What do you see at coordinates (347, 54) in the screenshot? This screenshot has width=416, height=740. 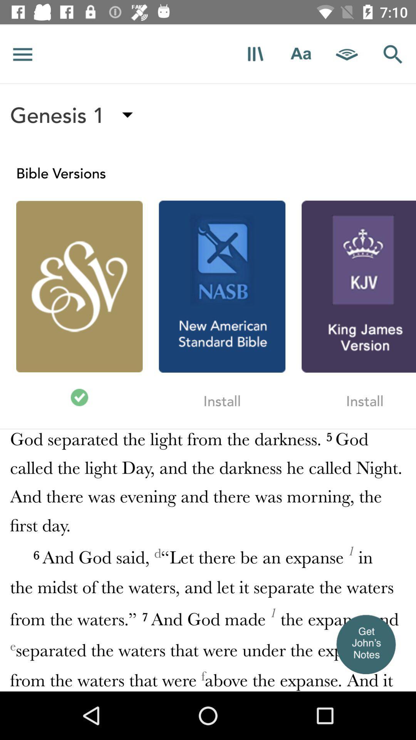 I see `wifi` at bounding box center [347, 54].